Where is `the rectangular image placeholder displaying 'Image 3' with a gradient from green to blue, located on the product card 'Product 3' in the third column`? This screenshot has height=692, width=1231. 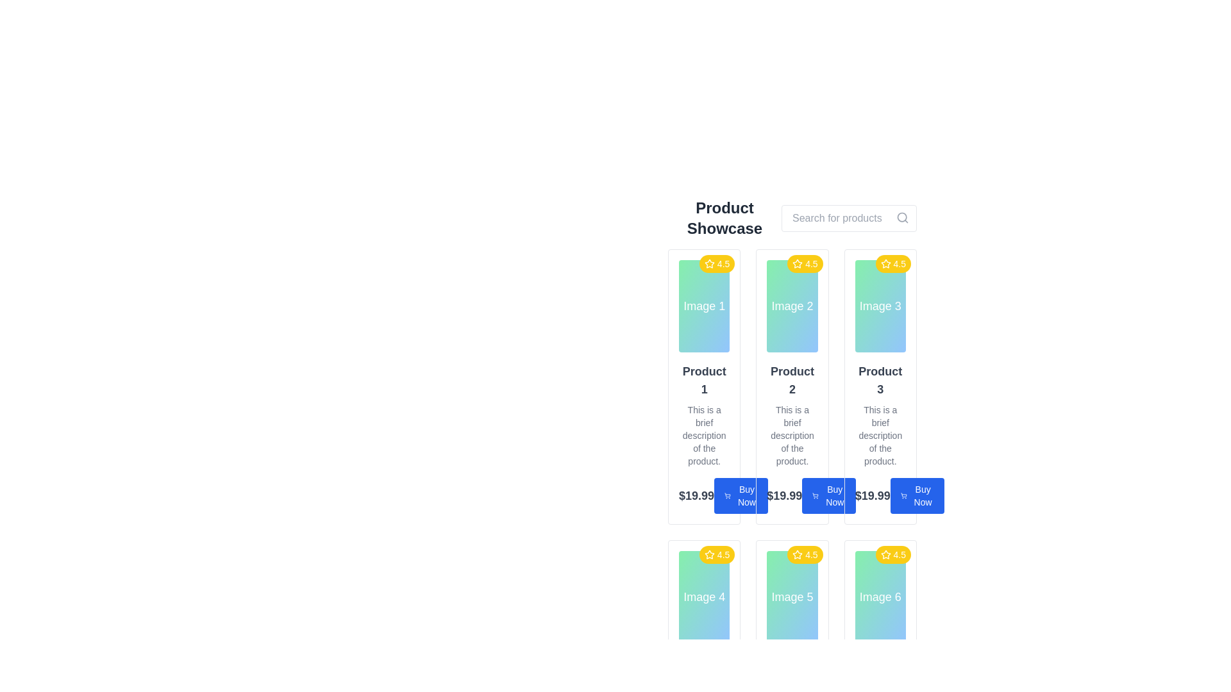
the rectangular image placeholder displaying 'Image 3' with a gradient from green to blue, located on the product card 'Product 3' in the third column is located at coordinates (880, 306).